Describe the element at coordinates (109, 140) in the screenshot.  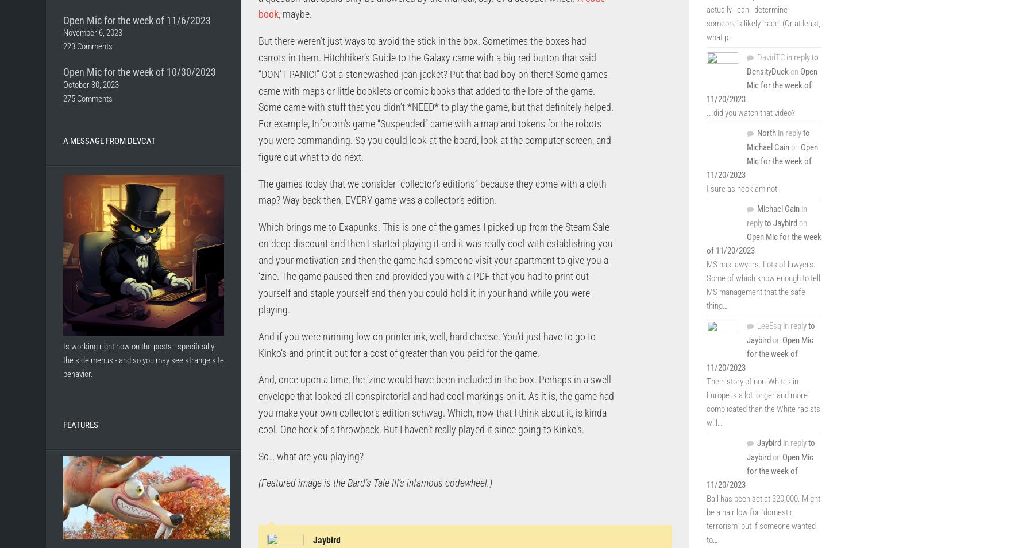
I see `'A Message From Devcat'` at that location.